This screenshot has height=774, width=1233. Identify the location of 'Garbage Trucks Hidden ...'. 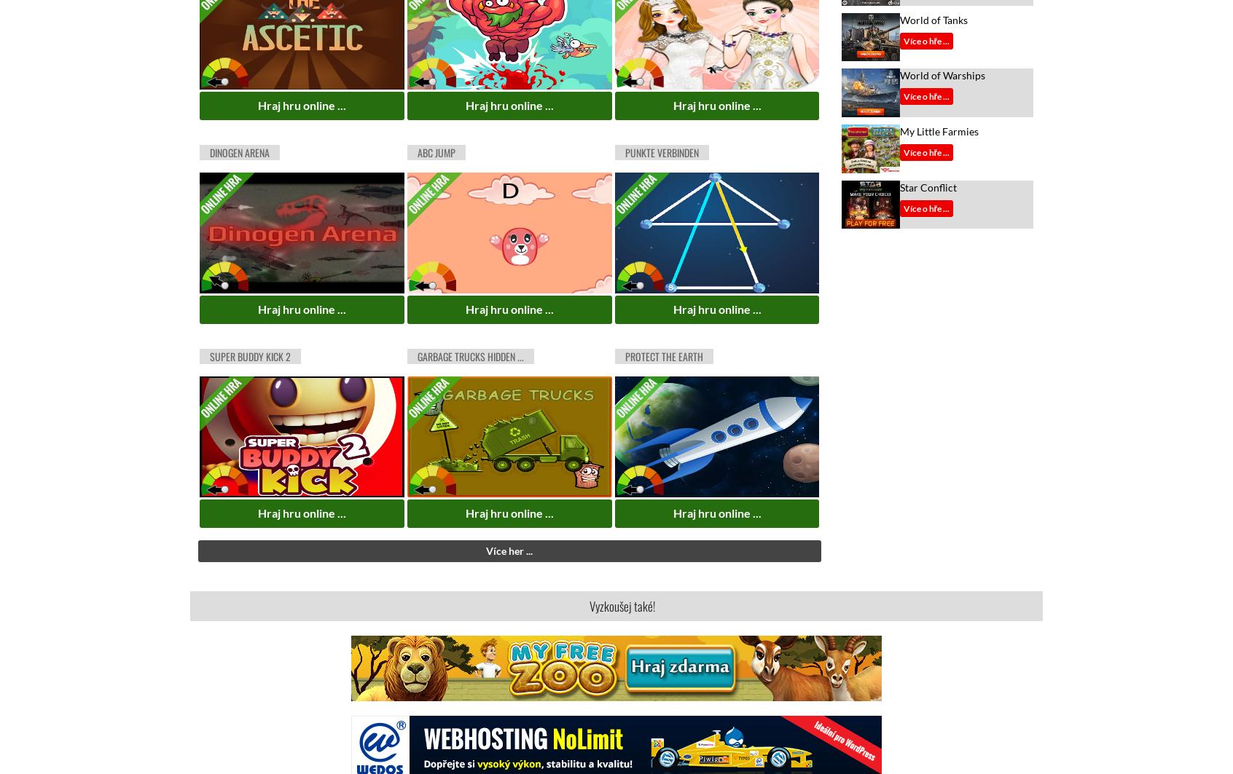
(469, 356).